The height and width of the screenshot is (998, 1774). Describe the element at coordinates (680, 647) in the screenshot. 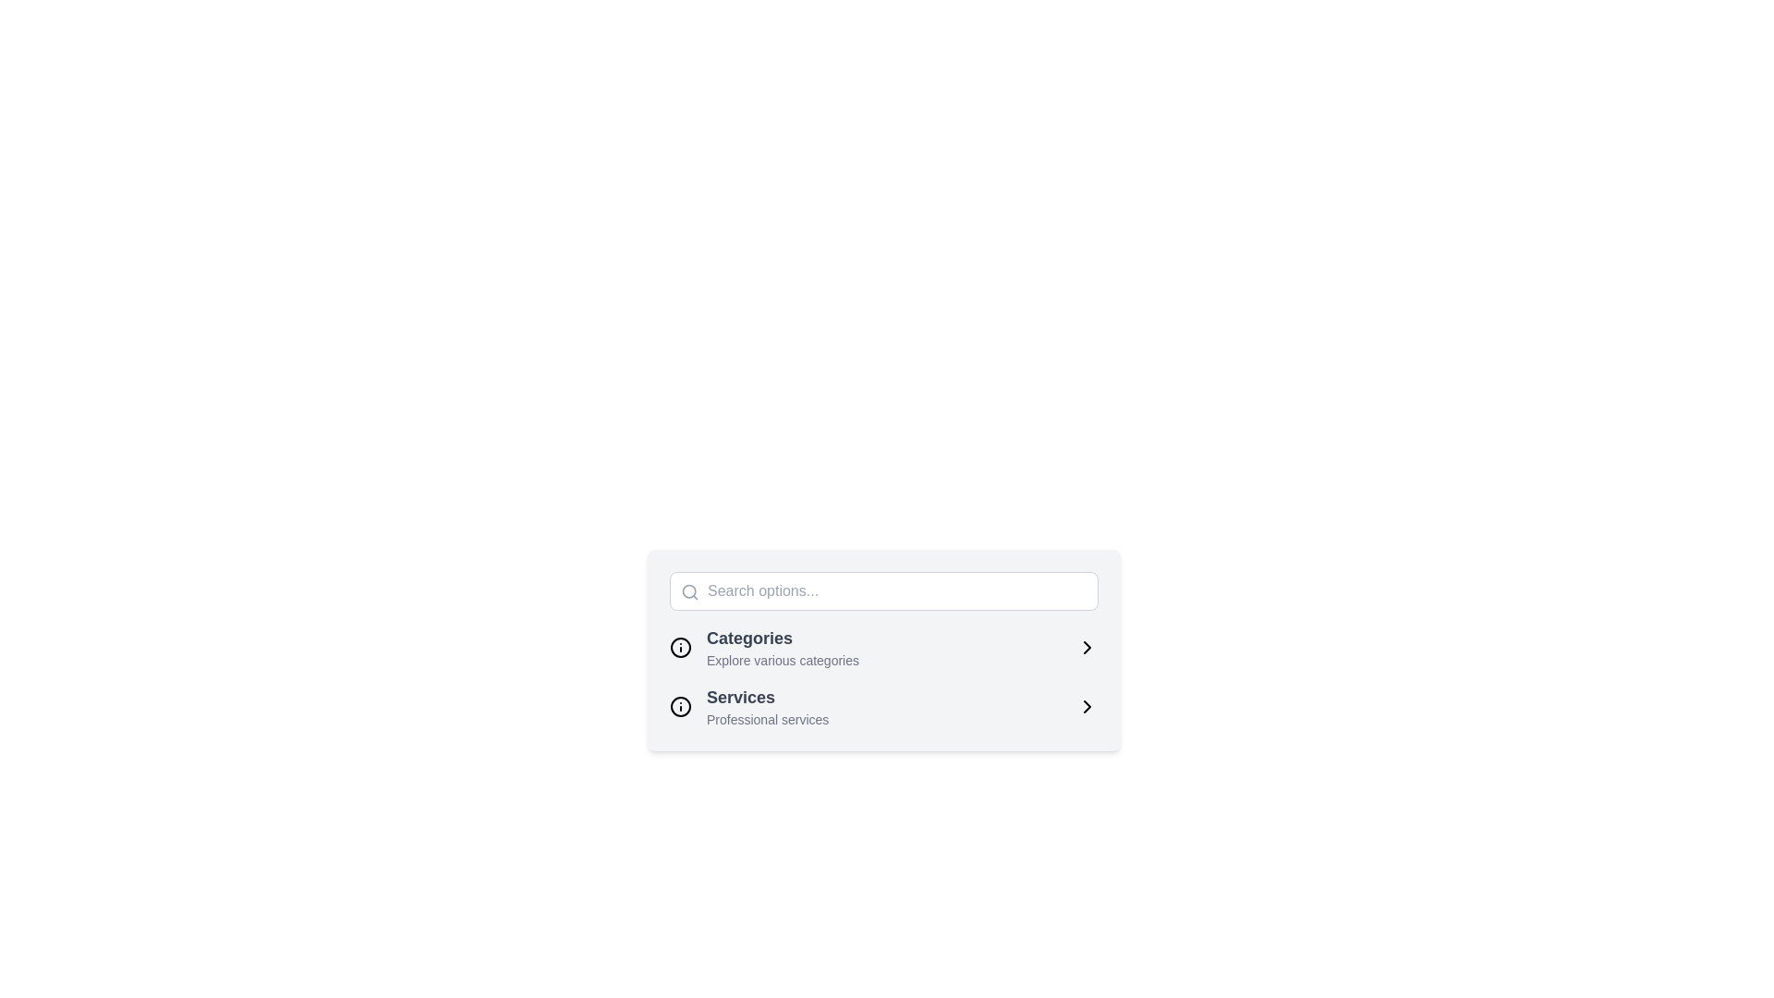

I see `the informational icon located leftmost in the 'Categories' row, directly to the left of the headings 'Categories' and 'Explore various categories' for further details` at that location.